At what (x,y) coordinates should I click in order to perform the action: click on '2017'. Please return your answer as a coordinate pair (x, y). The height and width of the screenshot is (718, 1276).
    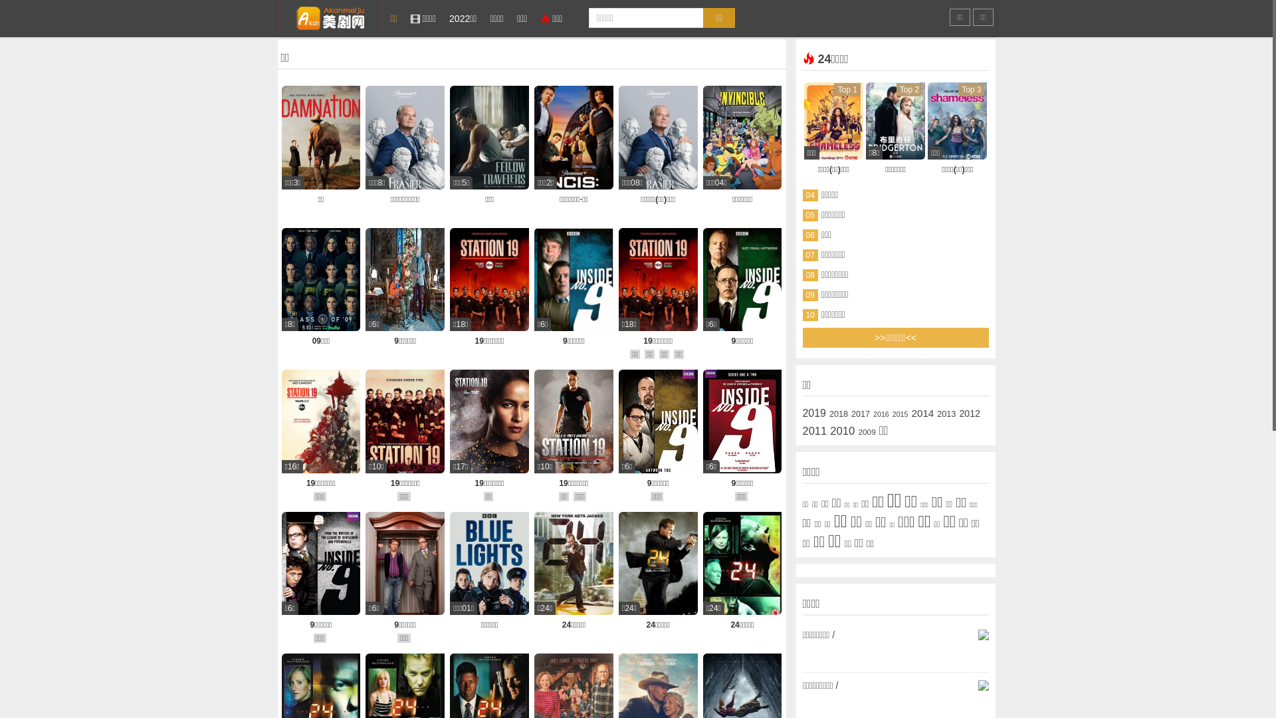
    Looking at the image, I should click on (851, 414).